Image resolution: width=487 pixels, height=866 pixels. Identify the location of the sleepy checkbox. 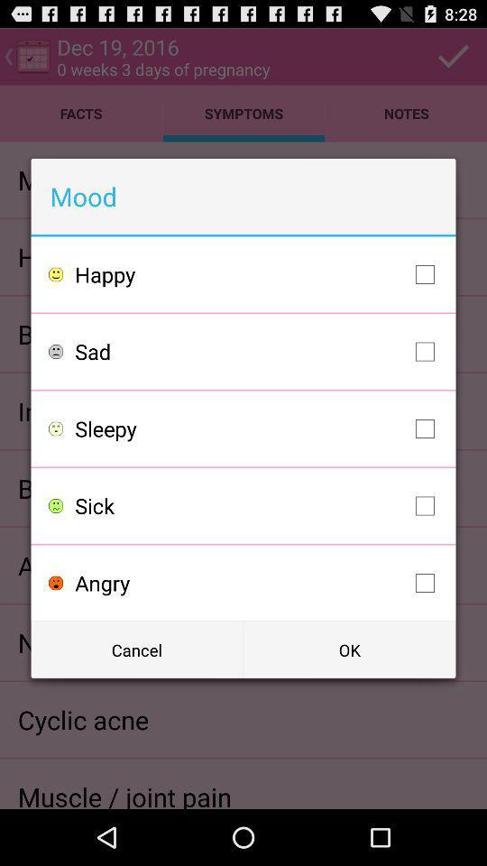
(258, 428).